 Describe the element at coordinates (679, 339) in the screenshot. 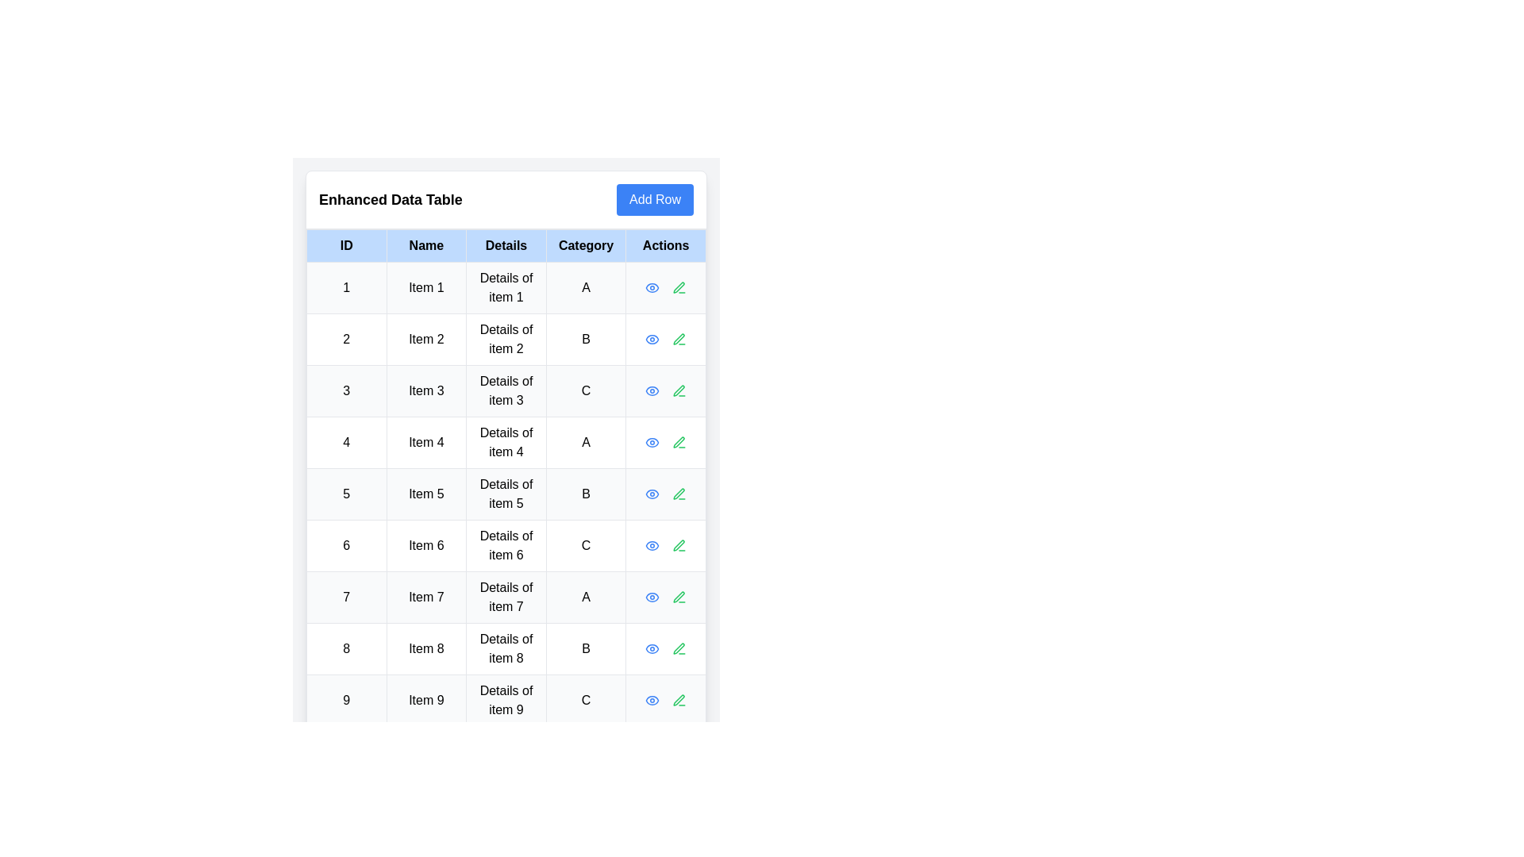

I see `the small green button with a pen icon in the 'Actions' column of the second row in the 'Enhanced Data Table'` at that location.